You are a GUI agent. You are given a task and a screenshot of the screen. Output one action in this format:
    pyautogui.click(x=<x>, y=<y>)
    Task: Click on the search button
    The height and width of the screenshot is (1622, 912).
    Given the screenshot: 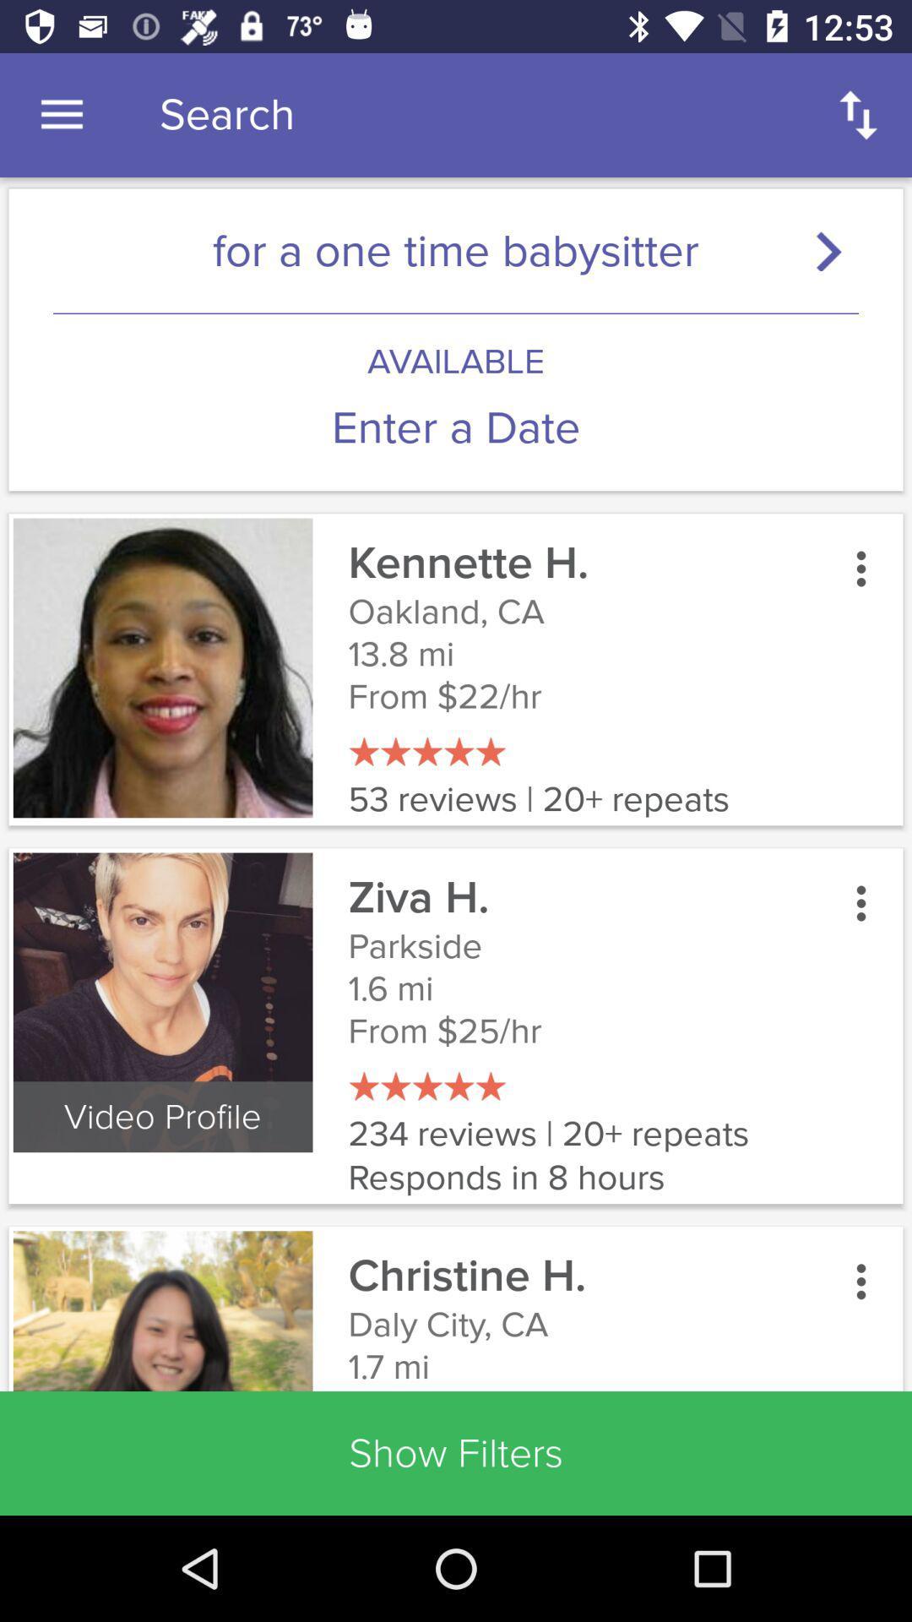 What is the action you would take?
    pyautogui.click(x=836, y=250)
    